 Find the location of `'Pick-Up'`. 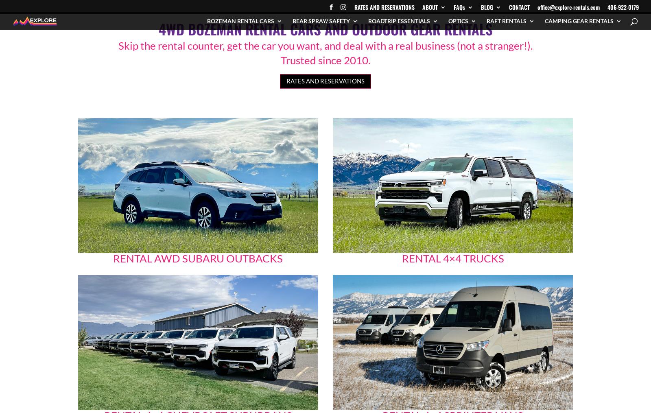

'Pick-Up' is located at coordinates (223, 205).